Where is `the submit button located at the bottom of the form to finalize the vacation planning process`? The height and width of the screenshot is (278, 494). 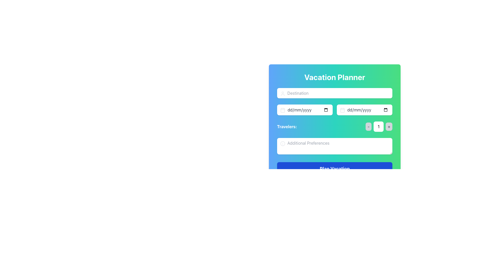 the submit button located at the bottom of the form to finalize the vacation planning process is located at coordinates (334, 169).